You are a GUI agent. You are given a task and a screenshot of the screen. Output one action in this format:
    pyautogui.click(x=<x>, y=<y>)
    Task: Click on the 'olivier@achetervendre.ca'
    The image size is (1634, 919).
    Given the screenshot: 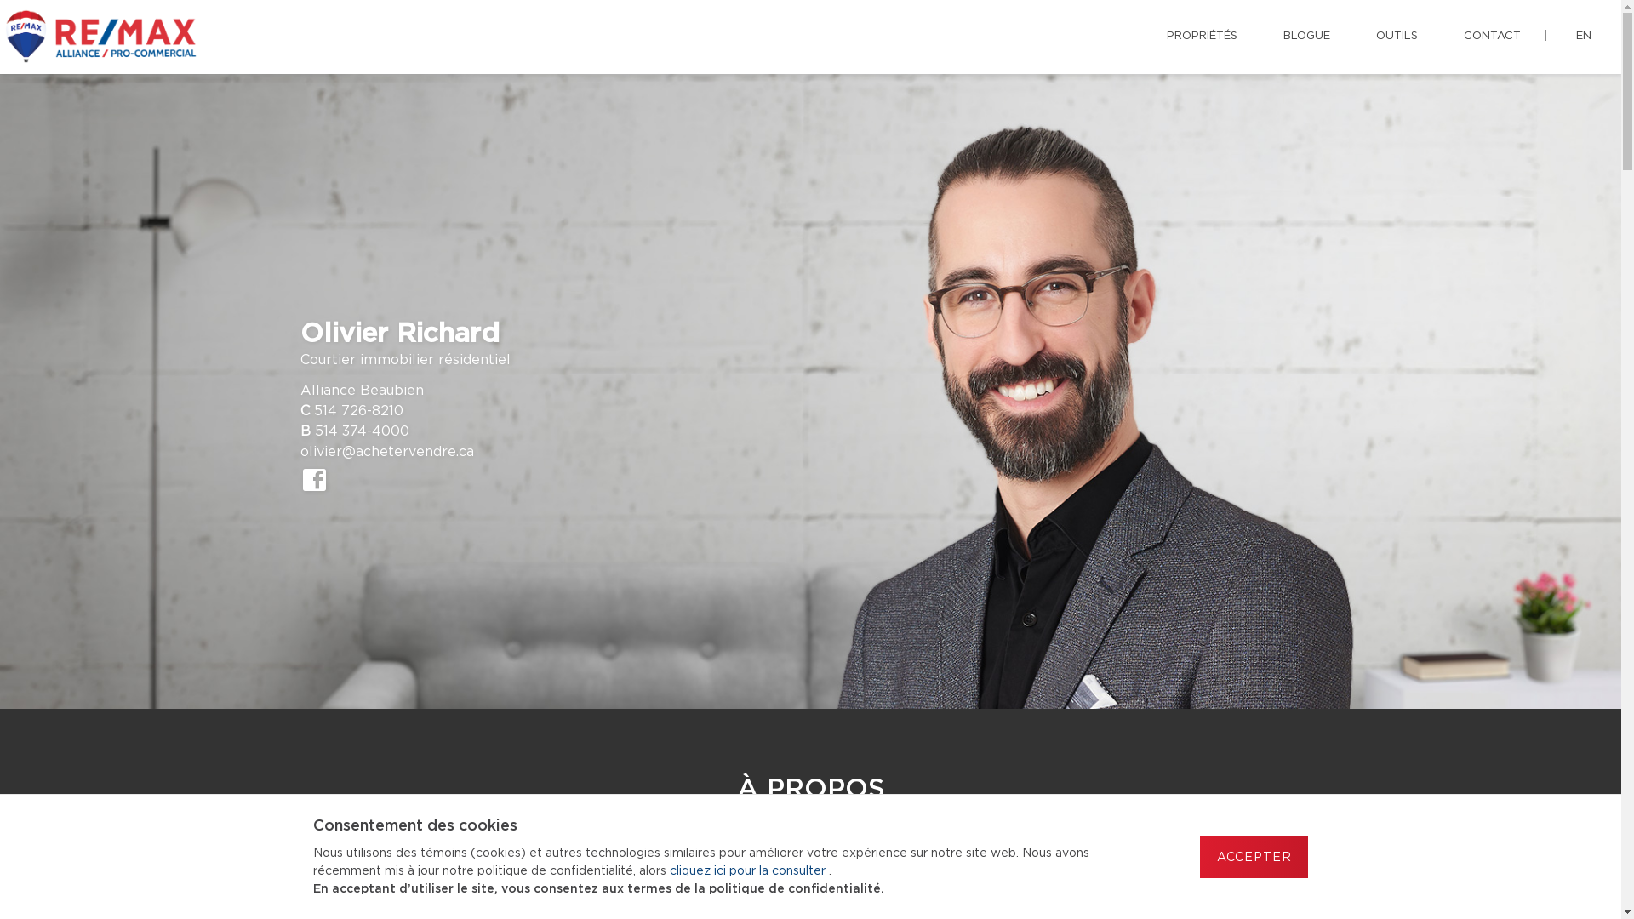 What is the action you would take?
    pyautogui.click(x=386, y=451)
    